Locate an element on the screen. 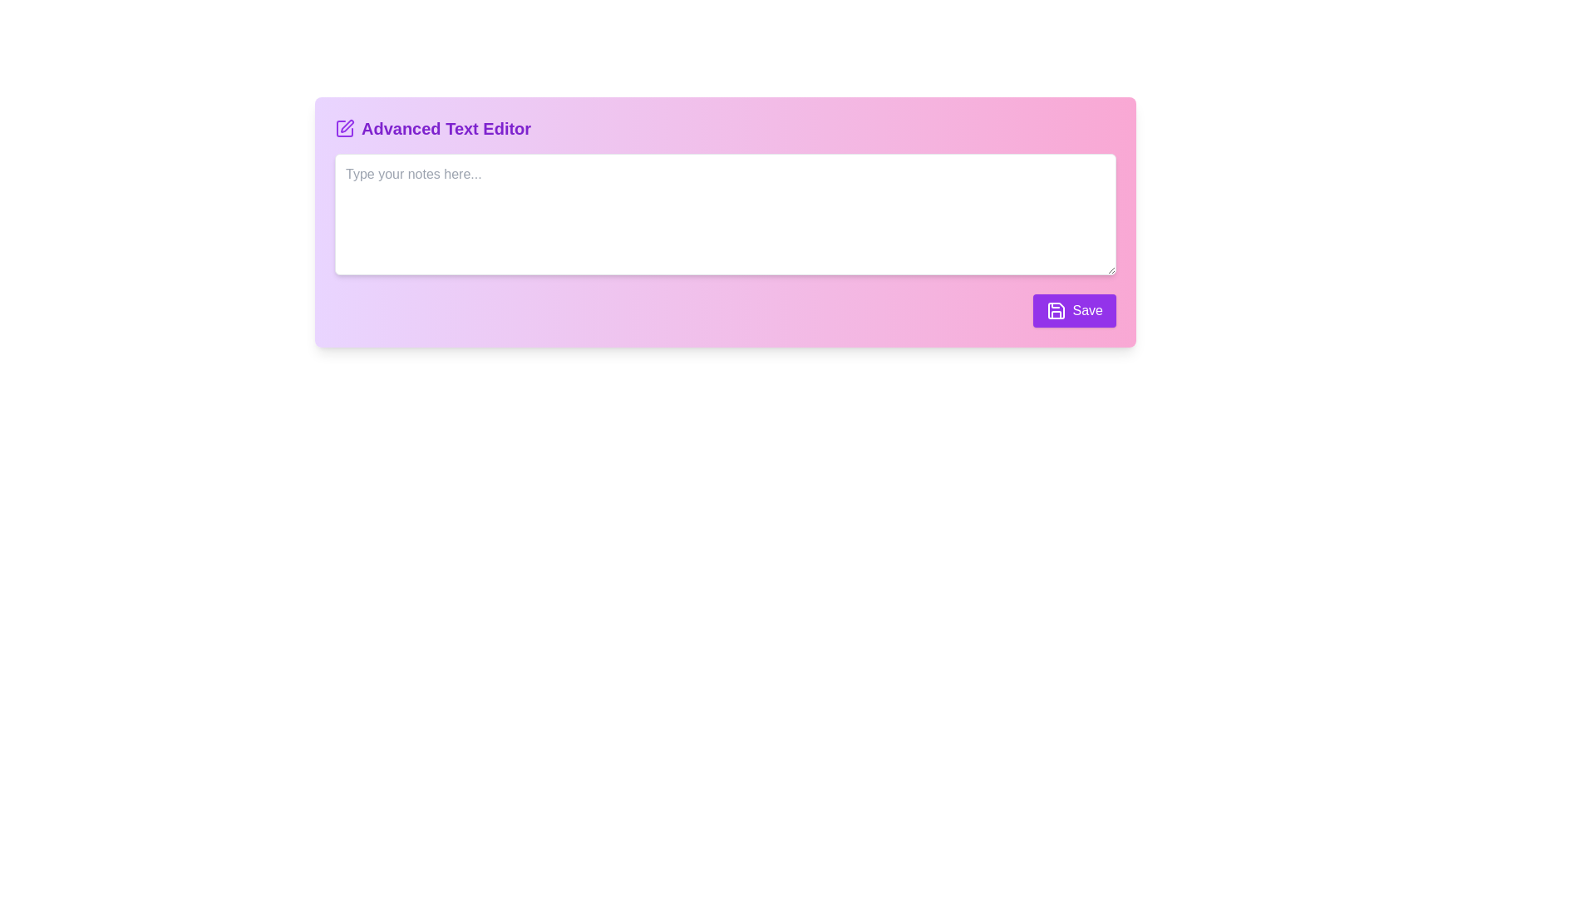 The width and height of the screenshot is (1596, 898). the edit icon represented within the SVG graphic, which is located above the 'Advanced Text Editor' label is located at coordinates (346, 125).